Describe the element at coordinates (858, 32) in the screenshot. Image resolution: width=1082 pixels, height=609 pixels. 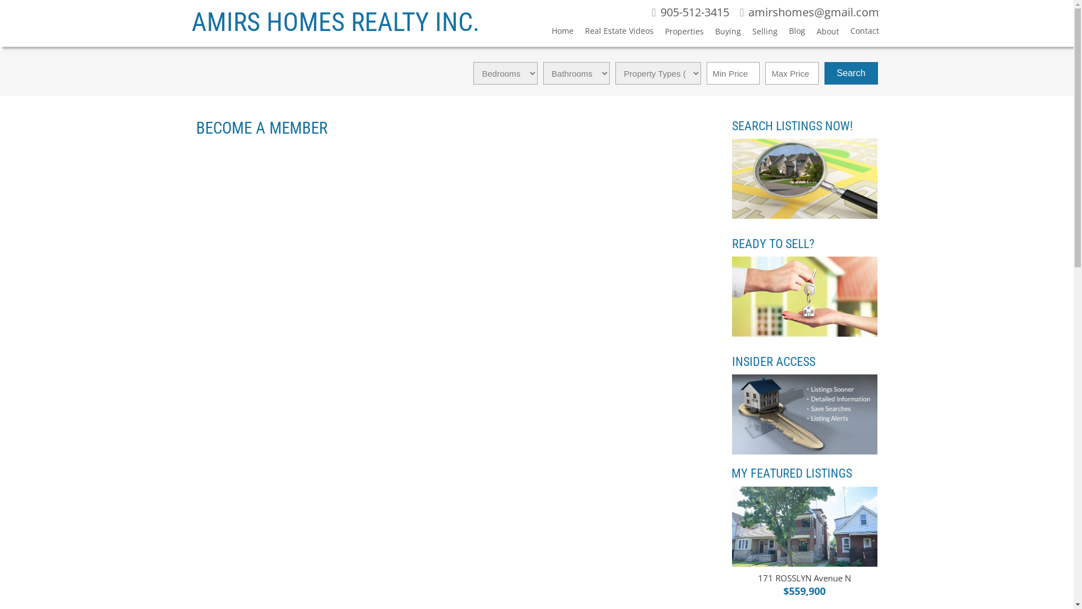
I see `'Contact'` at that location.